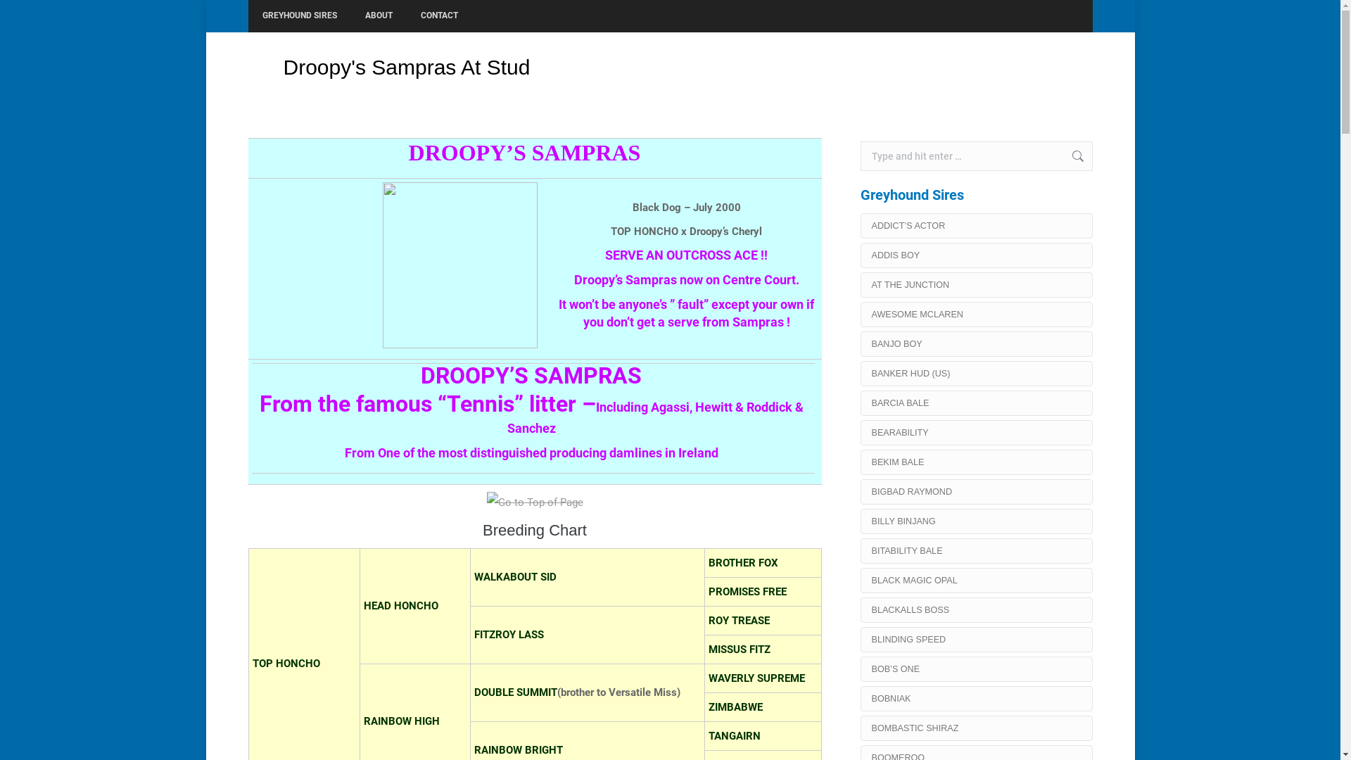  I want to click on 'BLACKALLS BOSS', so click(975, 609).